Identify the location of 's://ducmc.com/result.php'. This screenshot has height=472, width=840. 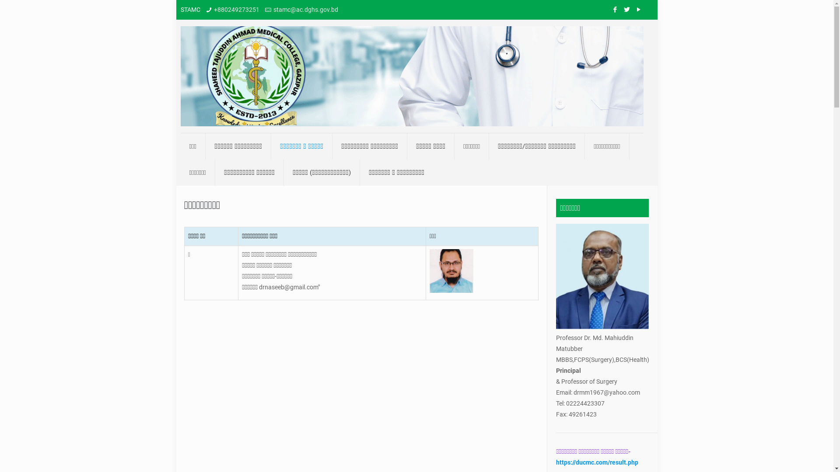
(602, 462).